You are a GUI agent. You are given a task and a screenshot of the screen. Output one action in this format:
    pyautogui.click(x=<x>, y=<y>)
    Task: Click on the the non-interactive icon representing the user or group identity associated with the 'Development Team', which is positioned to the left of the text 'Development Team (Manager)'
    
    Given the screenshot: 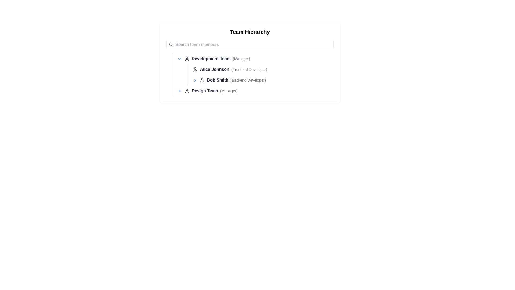 What is the action you would take?
    pyautogui.click(x=187, y=59)
    